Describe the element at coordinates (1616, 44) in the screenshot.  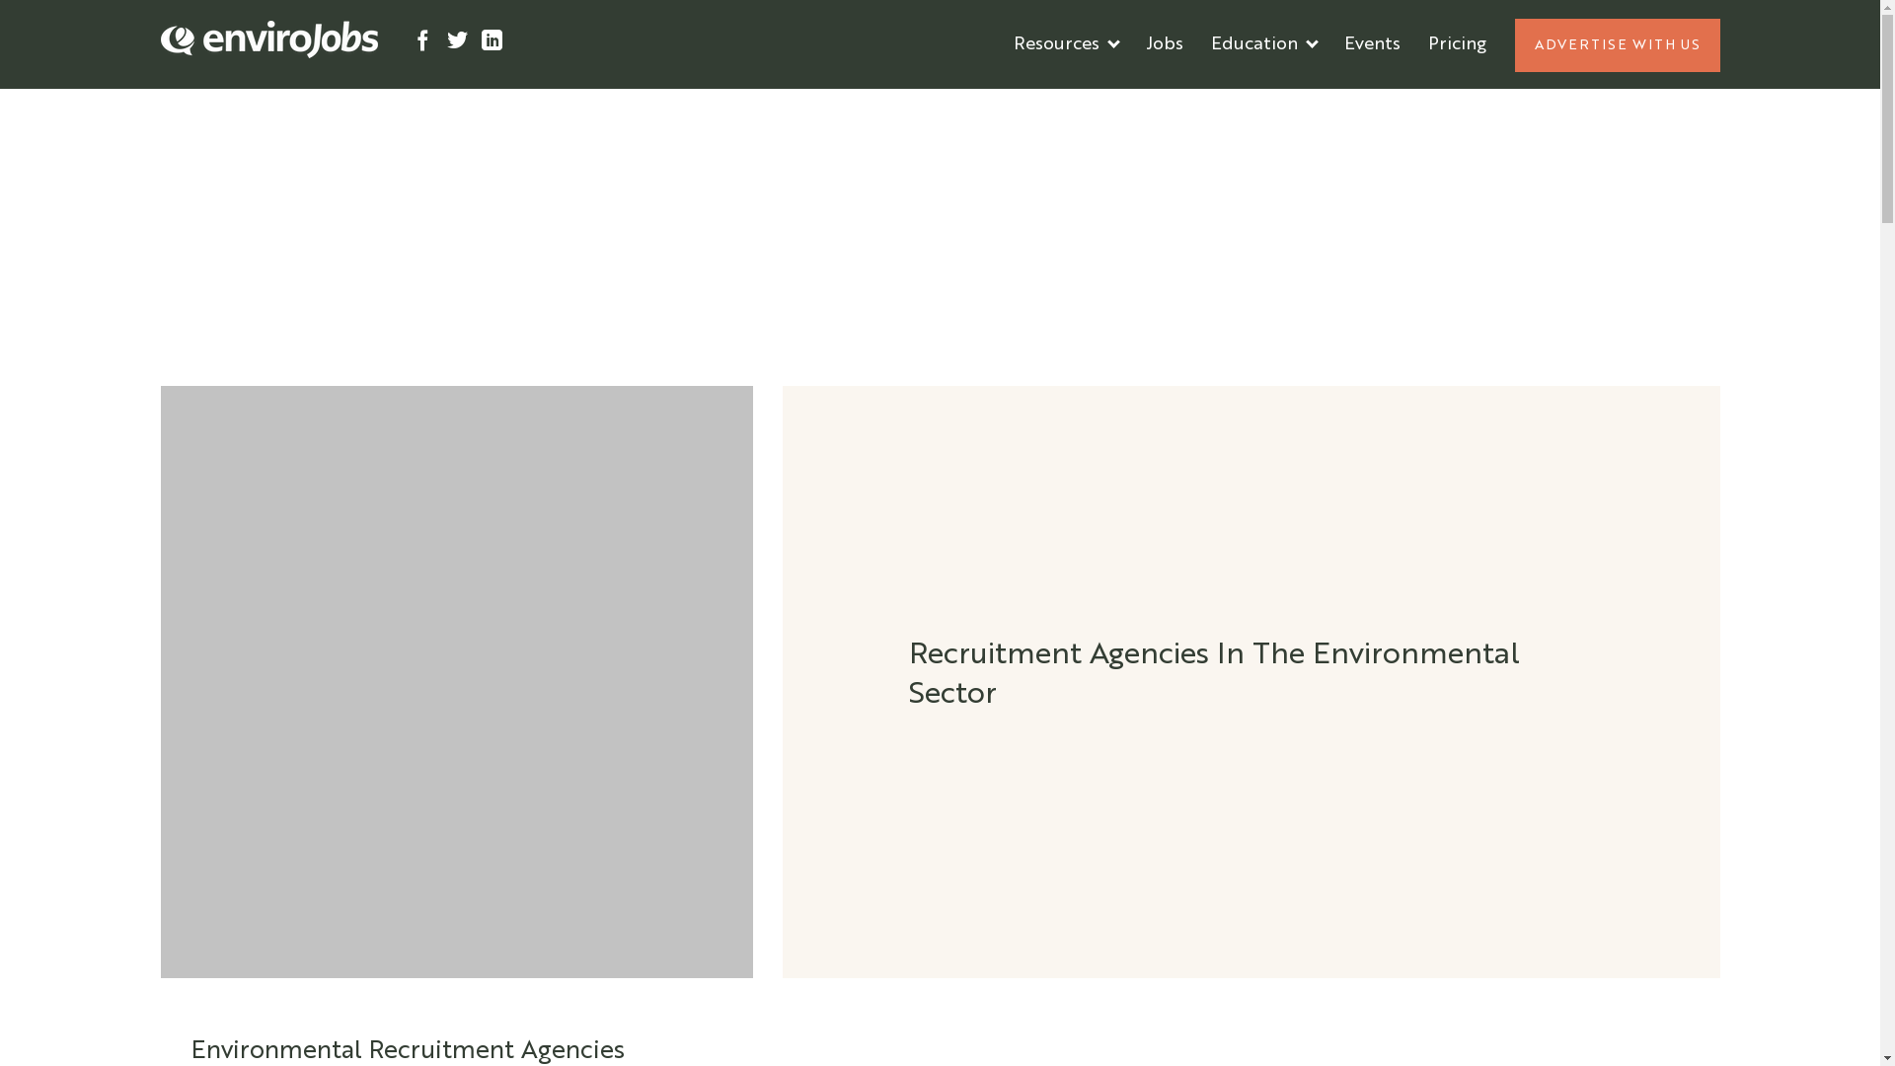
I see `'ADVERTISE WITH US'` at that location.